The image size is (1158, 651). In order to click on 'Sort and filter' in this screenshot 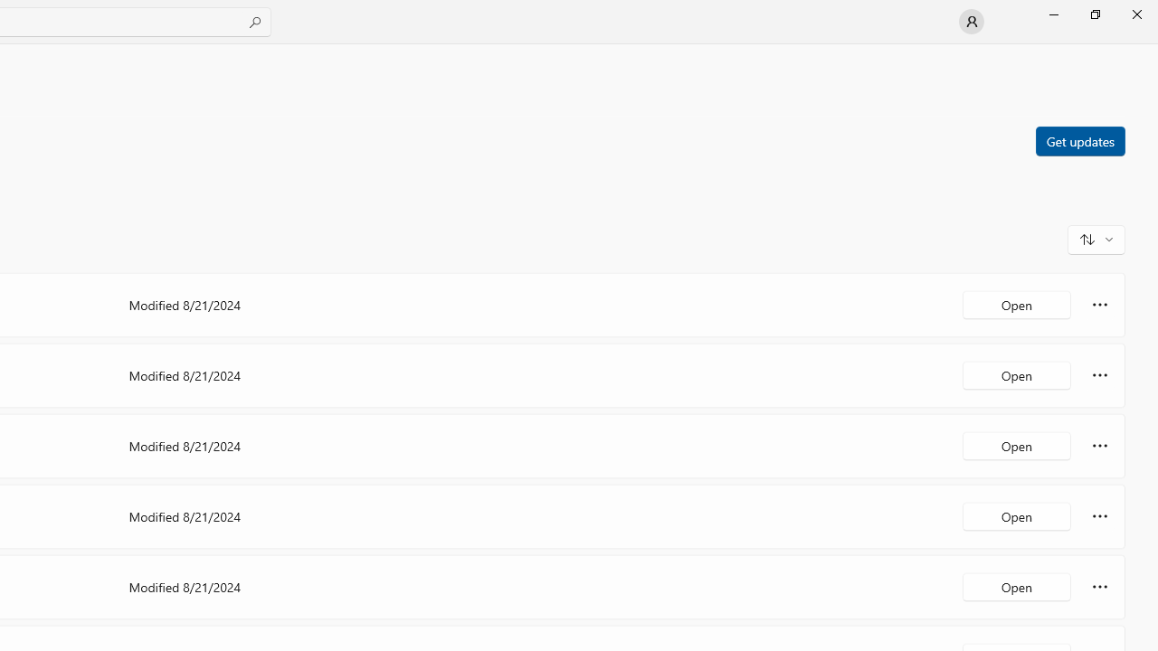, I will do `click(1096, 238)`.